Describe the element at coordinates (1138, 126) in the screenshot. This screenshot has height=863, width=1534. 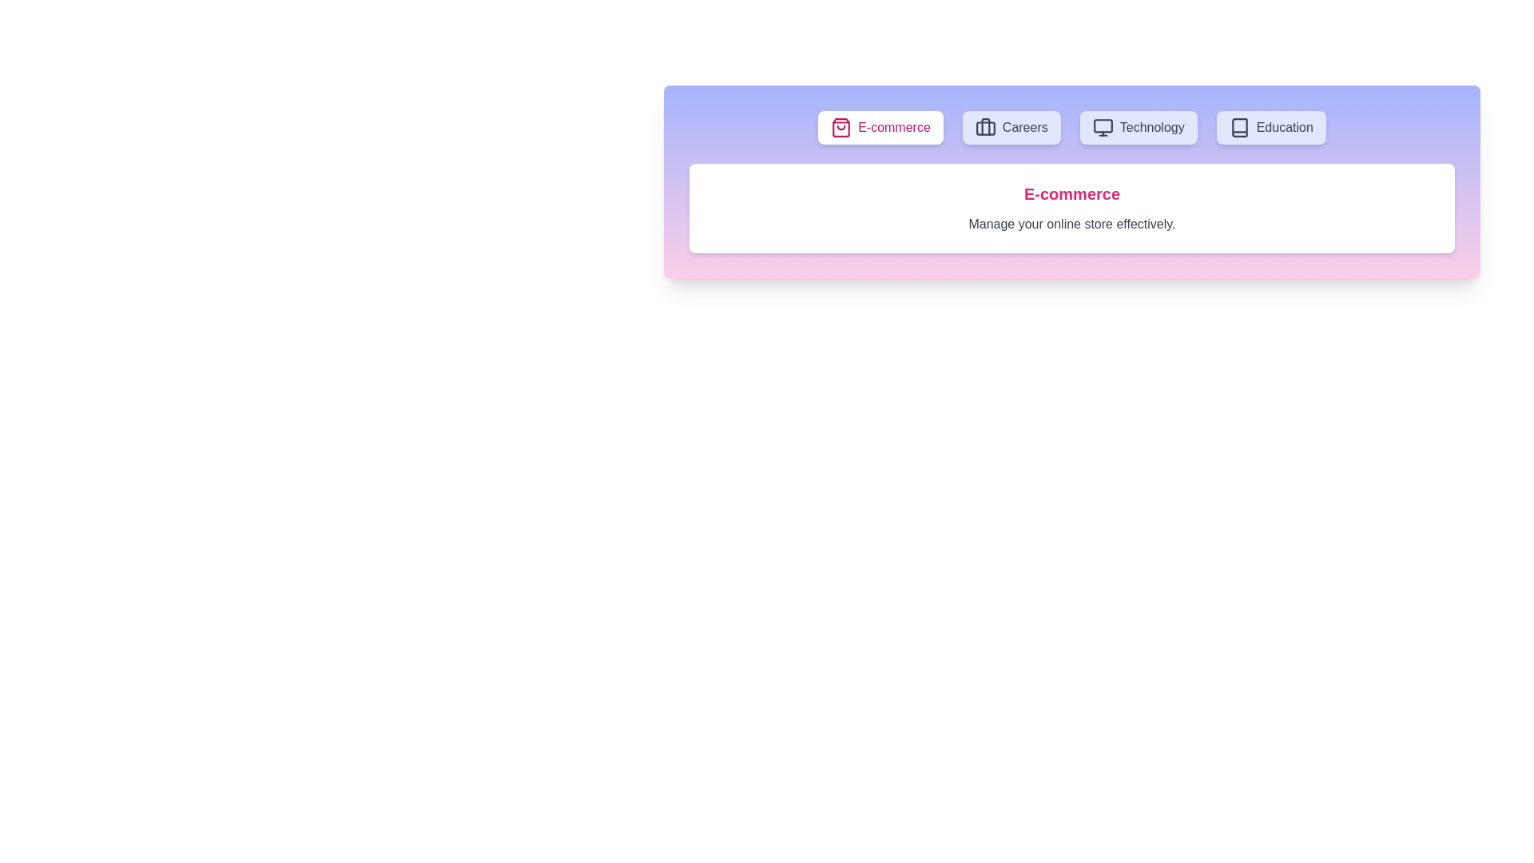
I see `the Technology tab` at that location.